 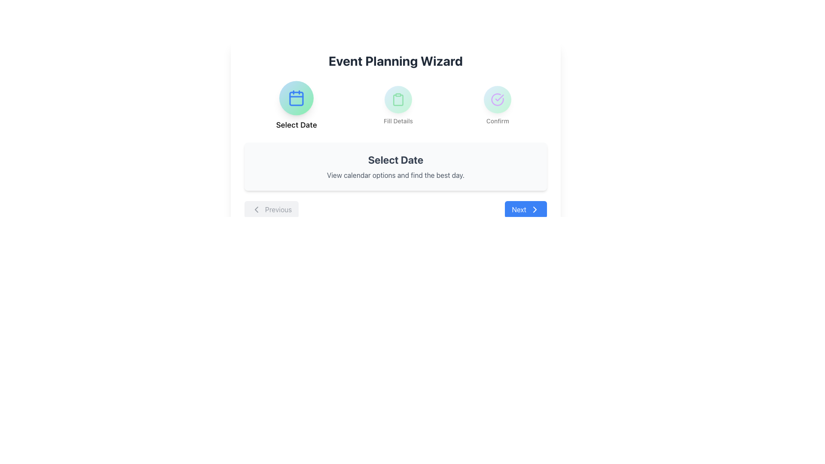 I want to click on the 'Previous' text label located on the bottom-left side of the page inside a rounded rectangular button with a light gray background, so click(x=278, y=210).